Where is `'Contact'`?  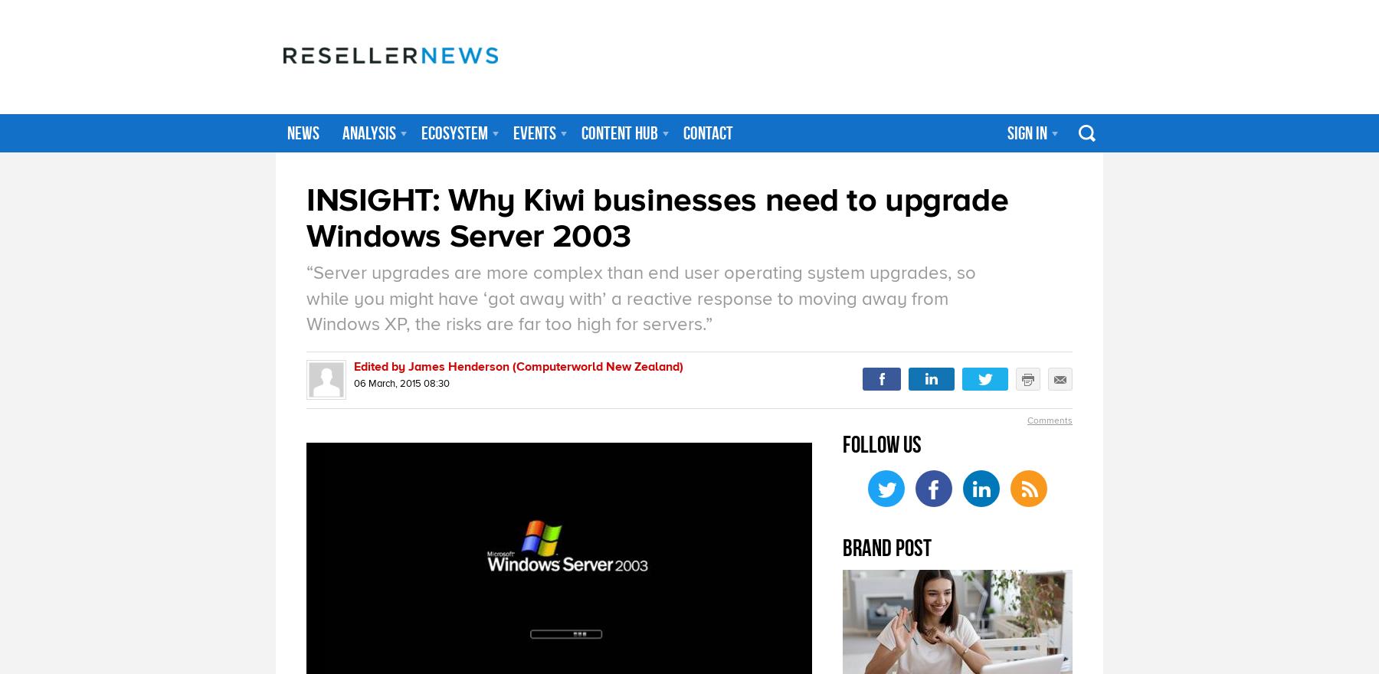
'Contact' is located at coordinates (683, 132).